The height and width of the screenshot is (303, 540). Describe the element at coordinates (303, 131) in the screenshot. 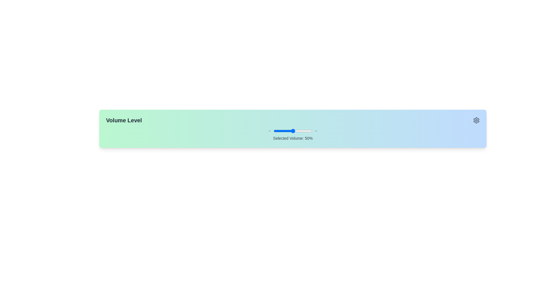

I see `the slider value` at that location.